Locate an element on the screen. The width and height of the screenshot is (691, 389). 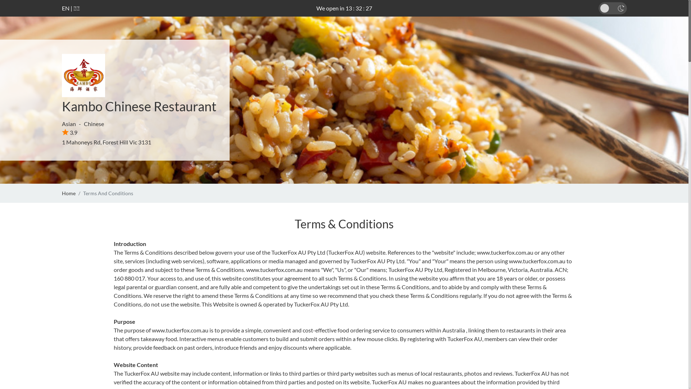
'3.9' is located at coordinates (69, 132).